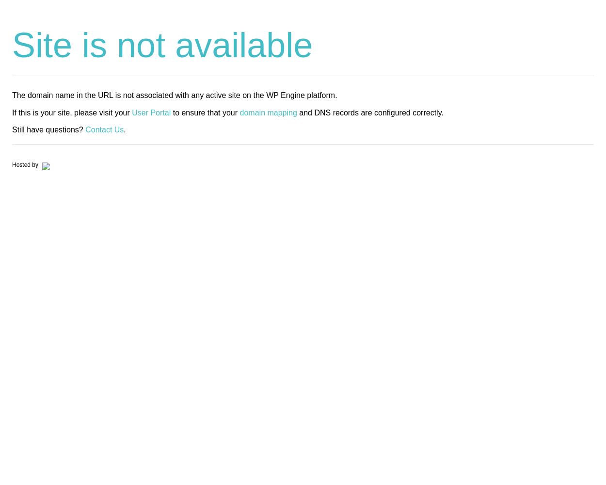 This screenshot has height=485, width=606. I want to click on 'and DNS records are
        configured correctly.', so click(296, 112).